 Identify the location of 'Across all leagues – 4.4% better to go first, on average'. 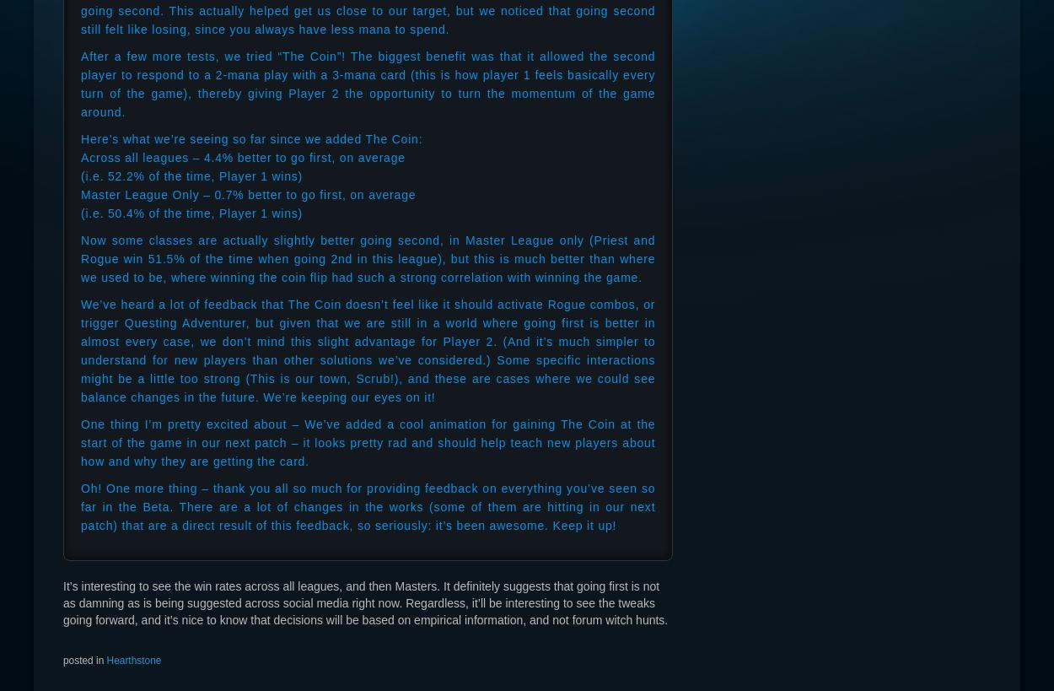
(243, 157).